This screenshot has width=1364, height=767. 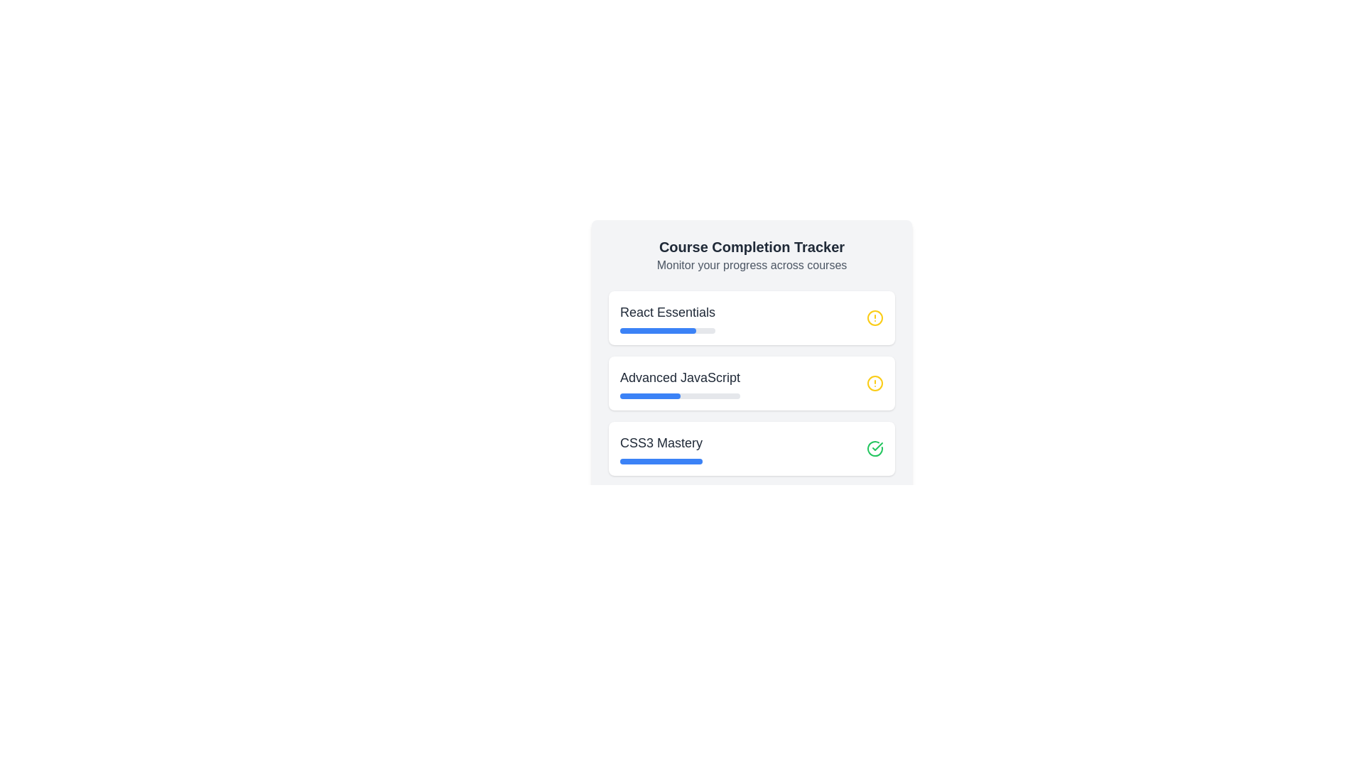 I want to click on the Progress Indicator (Bar) in the 'Advanced JavaScript' course progress area, which is the second progress bar in the 'Course Completion Tracker' component, so click(x=649, y=396).